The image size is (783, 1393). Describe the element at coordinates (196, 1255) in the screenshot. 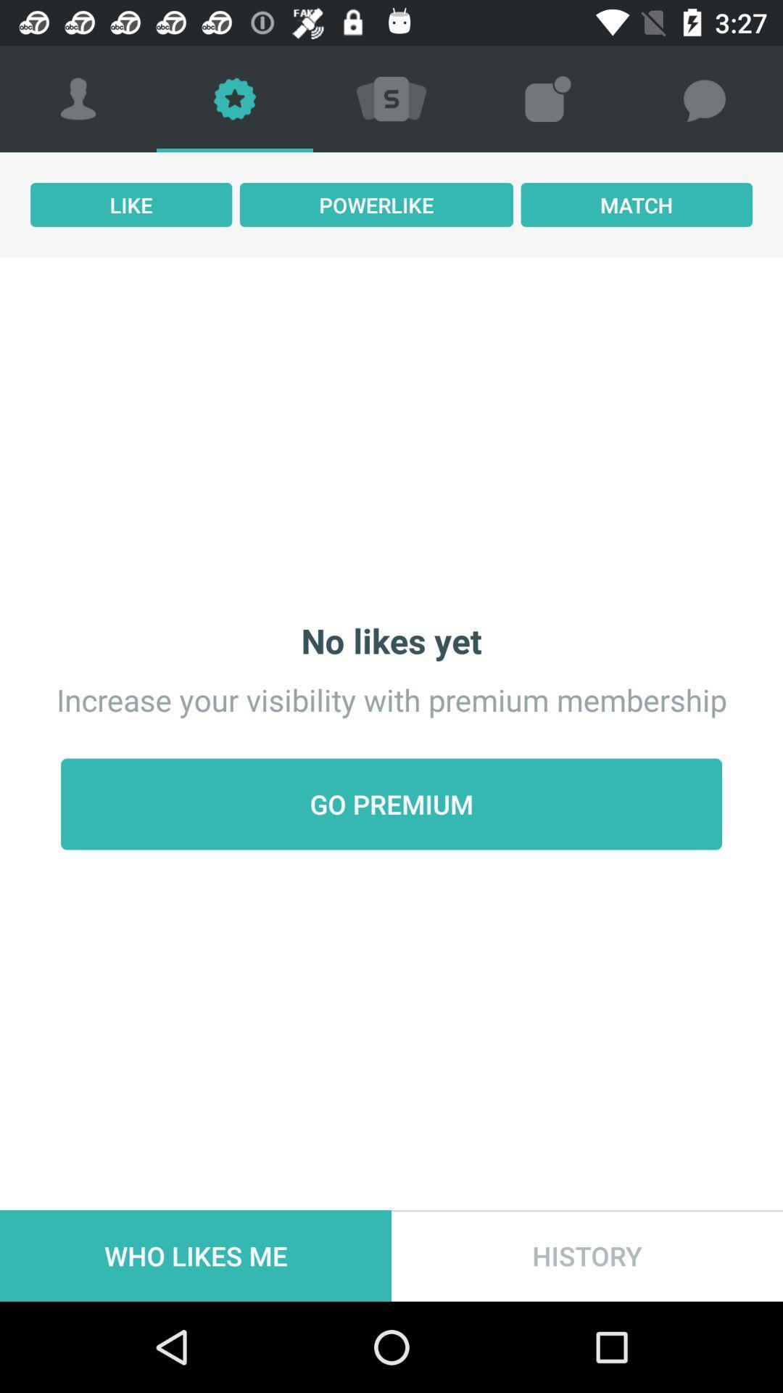

I see `item at the bottom left corner` at that location.